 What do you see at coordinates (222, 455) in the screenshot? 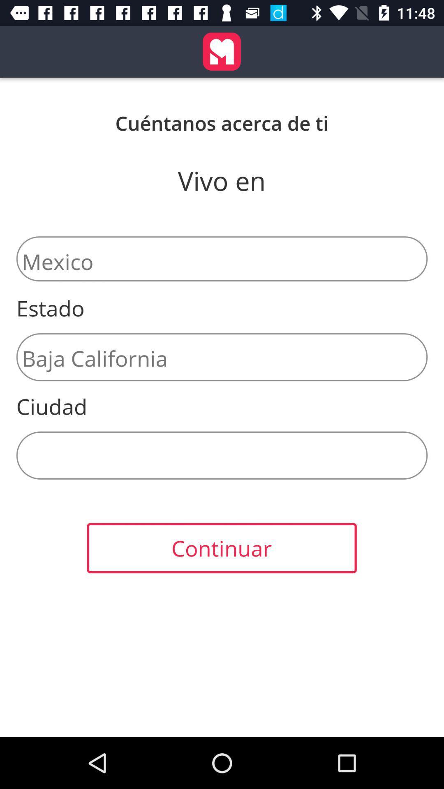
I see `the item below the ciudad icon` at bounding box center [222, 455].